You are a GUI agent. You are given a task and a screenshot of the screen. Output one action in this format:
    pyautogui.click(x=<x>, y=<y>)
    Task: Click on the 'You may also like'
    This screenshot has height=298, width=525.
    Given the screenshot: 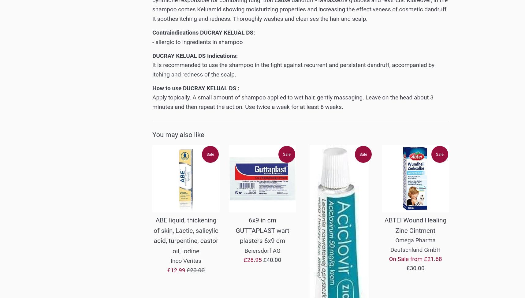 What is the action you would take?
    pyautogui.click(x=152, y=134)
    